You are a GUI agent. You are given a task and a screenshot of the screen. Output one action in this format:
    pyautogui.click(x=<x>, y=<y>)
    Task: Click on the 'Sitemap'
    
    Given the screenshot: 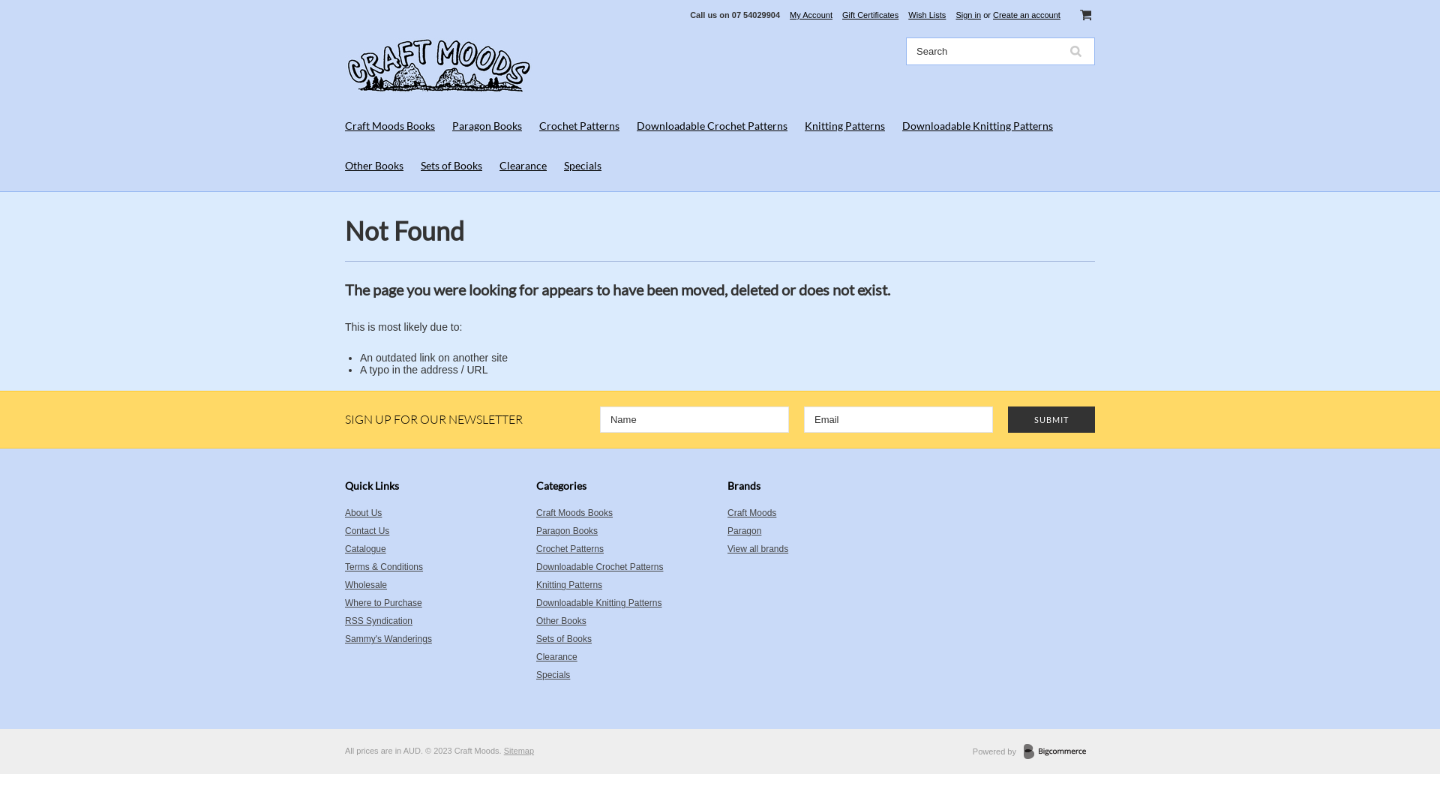 What is the action you would take?
    pyautogui.click(x=518, y=751)
    